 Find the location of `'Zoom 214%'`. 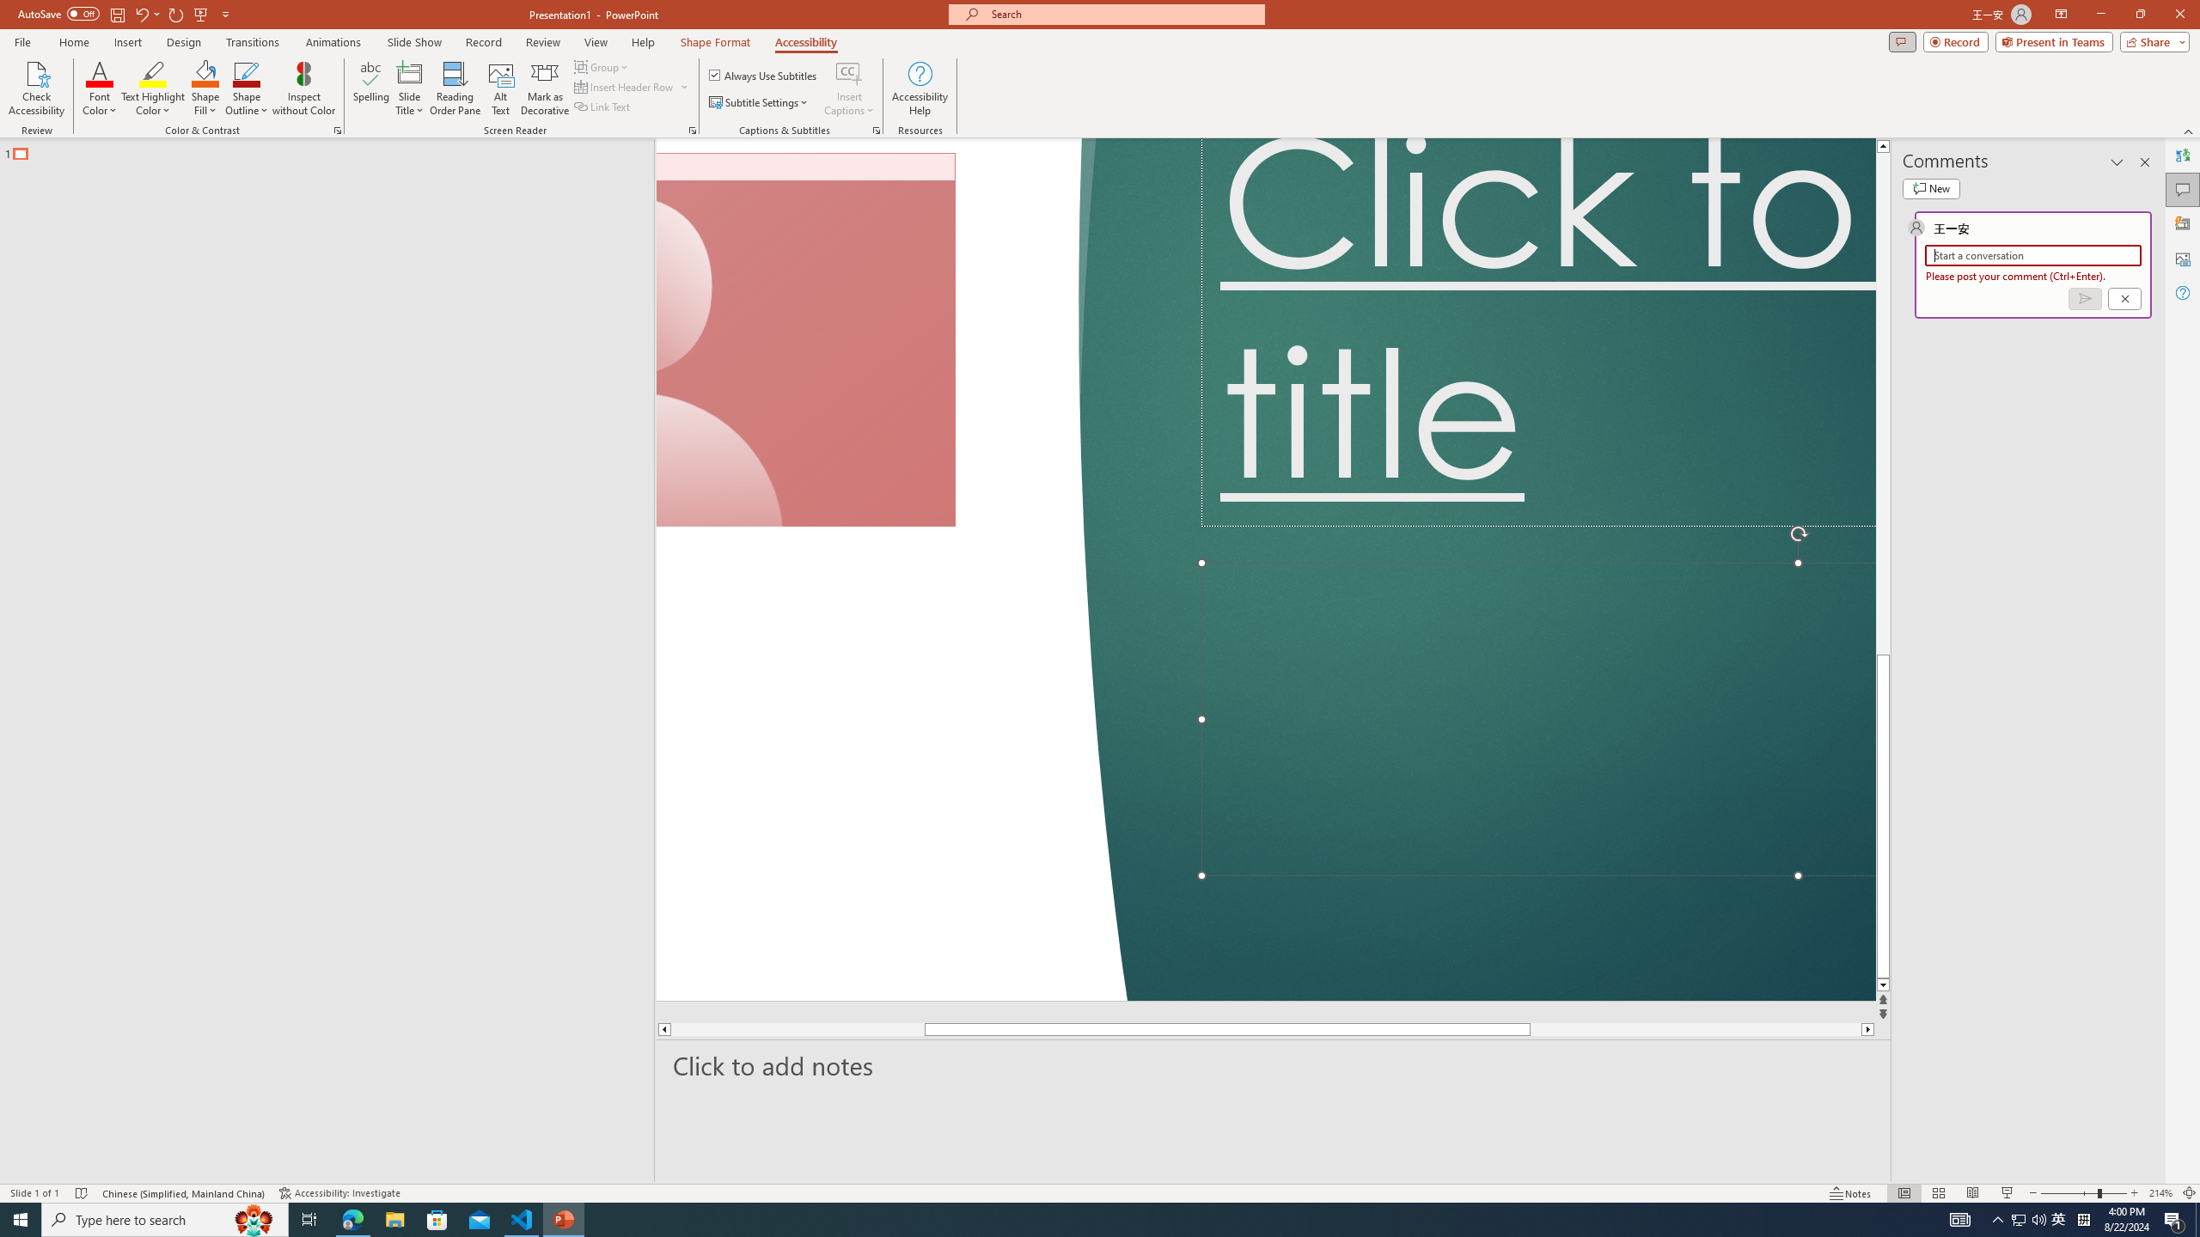

'Zoom 214%' is located at coordinates (2161, 1193).